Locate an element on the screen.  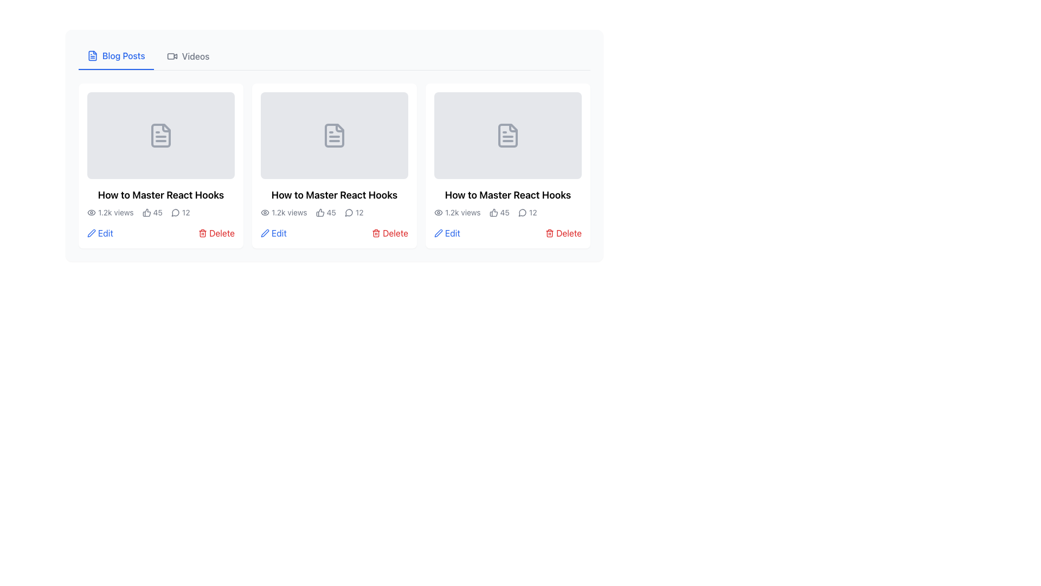
the delete icon located within the 'Delete' button of the third item in the list, which visually represents the delete action is located at coordinates (203, 232).